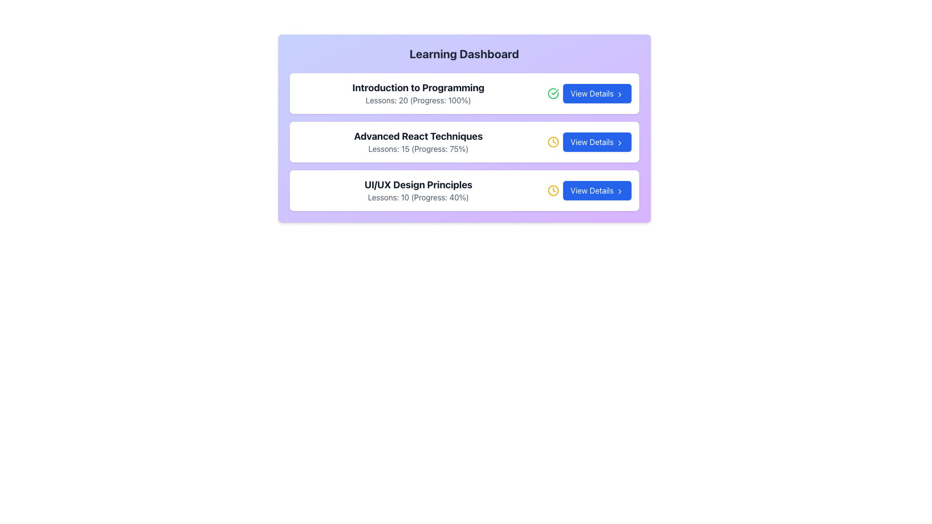  I want to click on the 'View Details' button with white text on a blue background, located in the bottom row of the 'UI/UX Design Principles' section, so click(589, 191).